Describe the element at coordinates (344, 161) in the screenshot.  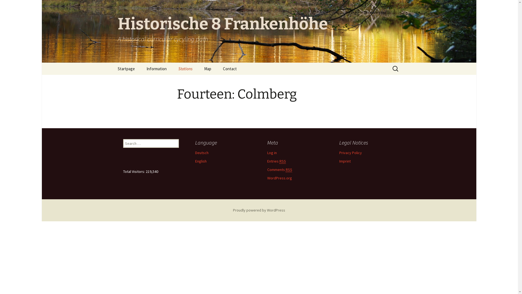
I see `'Imprint'` at that location.